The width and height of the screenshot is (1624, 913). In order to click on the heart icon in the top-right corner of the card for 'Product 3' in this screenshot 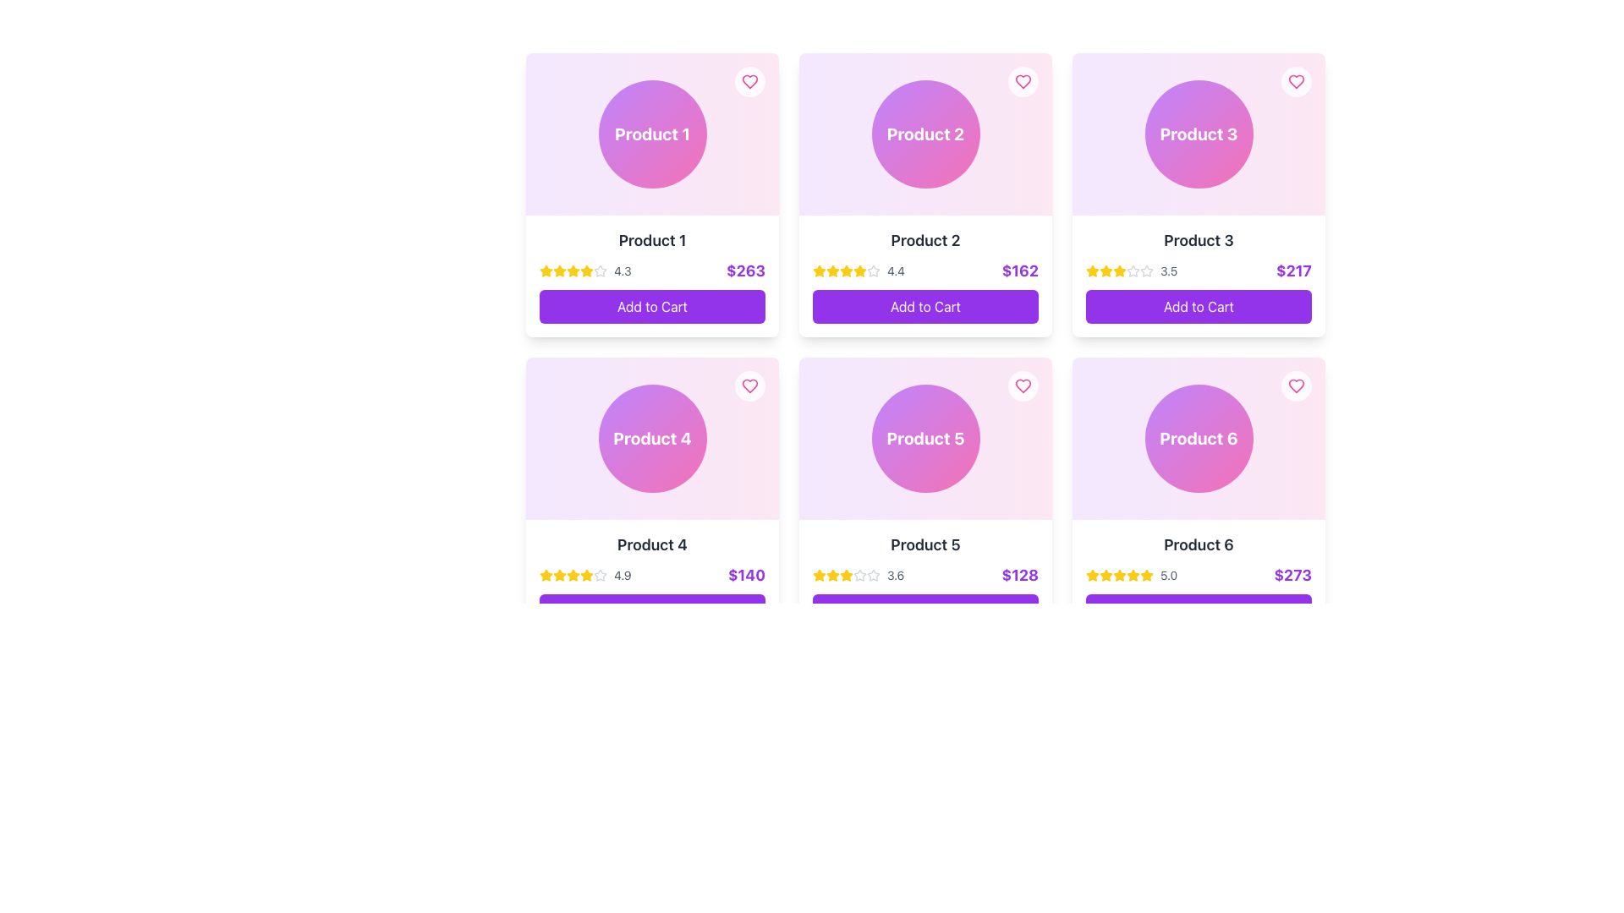, I will do `click(1295, 81)`.